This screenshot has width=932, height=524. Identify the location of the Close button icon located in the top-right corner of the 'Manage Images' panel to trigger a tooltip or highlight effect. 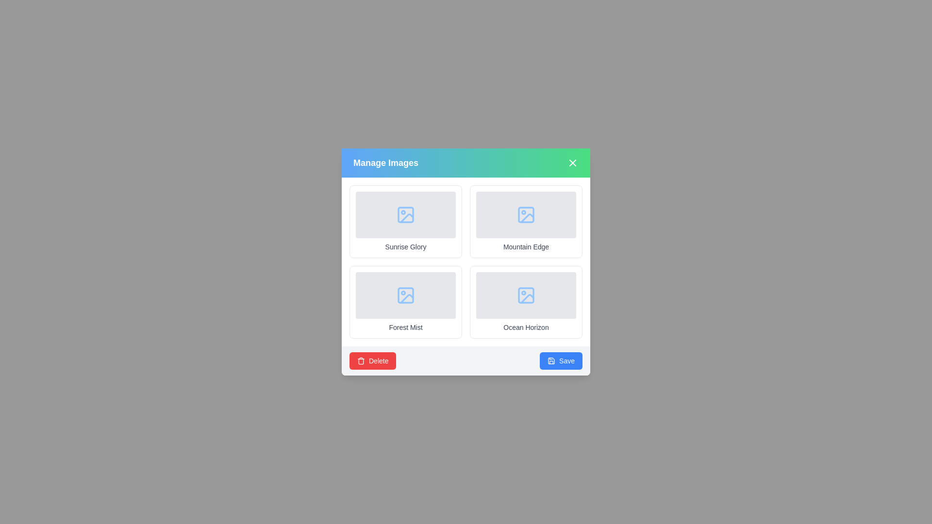
(573, 162).